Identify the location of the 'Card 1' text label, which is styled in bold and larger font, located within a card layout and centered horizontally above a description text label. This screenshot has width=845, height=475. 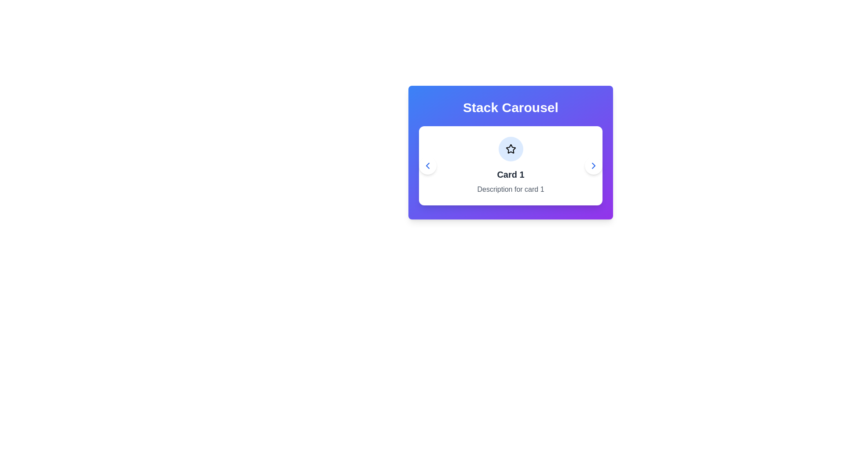
(511, 175).